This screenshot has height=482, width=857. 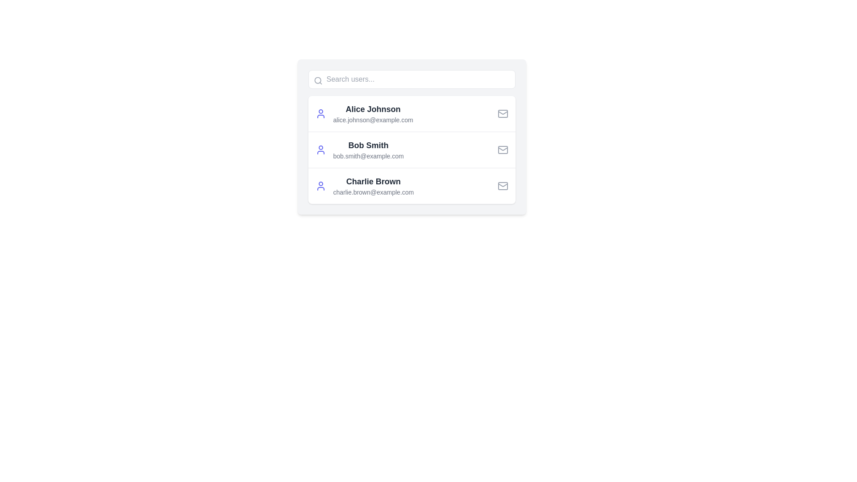 I want to click on the text block displaying the user's name 'Charlie Brown' and email 'charlie.brown@example.com', which is located in the third card of a vertical list, to the right of the profile icon and to the left of the email icon, so click(x=373, y=185).